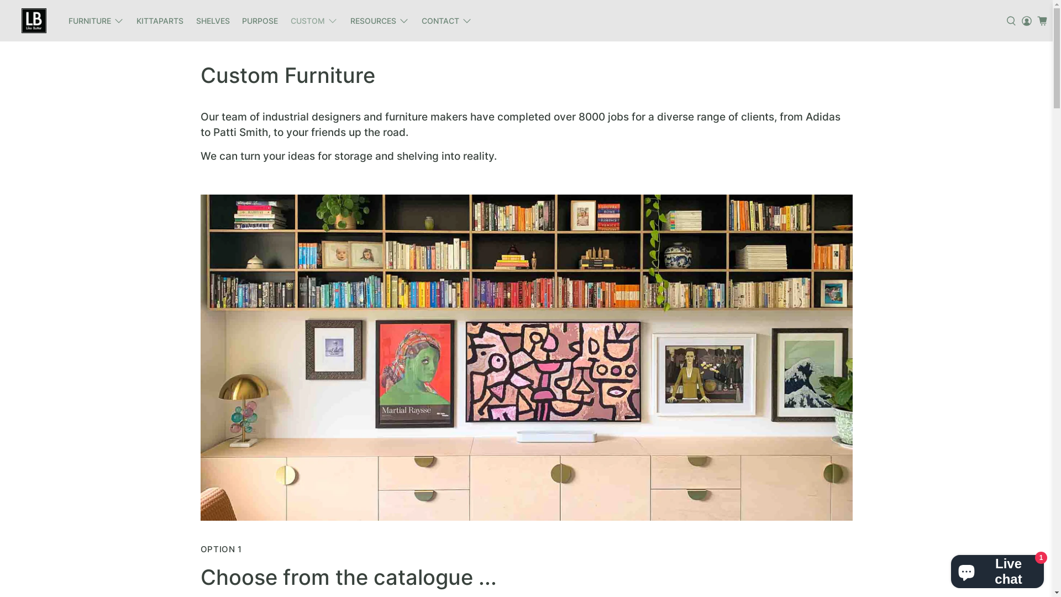 This screenshot has width=1061, height=597. Describe the element at coordinates (159, 20) in the screenshot. I see `'KITTAPARTS'` at that location.